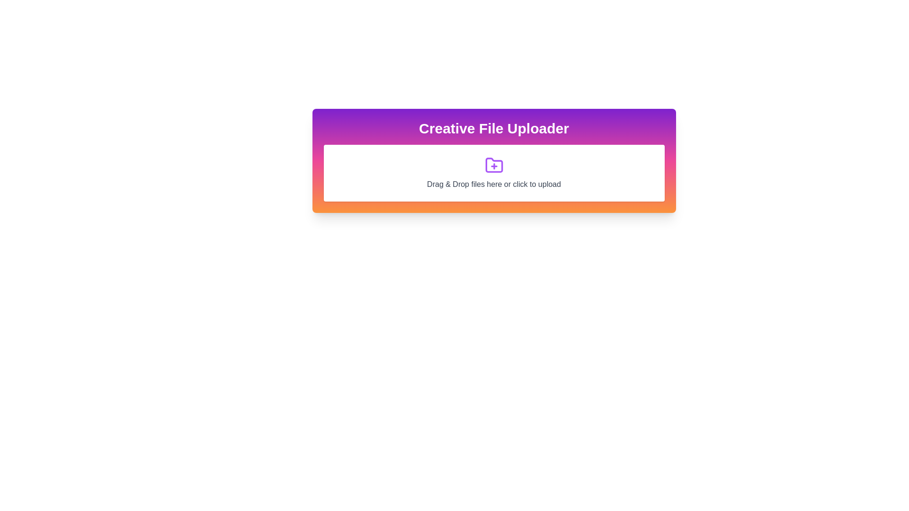  I want to click on the 'Creative File Uploader' interactive widget, which features a gradient background and prompts users to upload files, so click(493, 160).